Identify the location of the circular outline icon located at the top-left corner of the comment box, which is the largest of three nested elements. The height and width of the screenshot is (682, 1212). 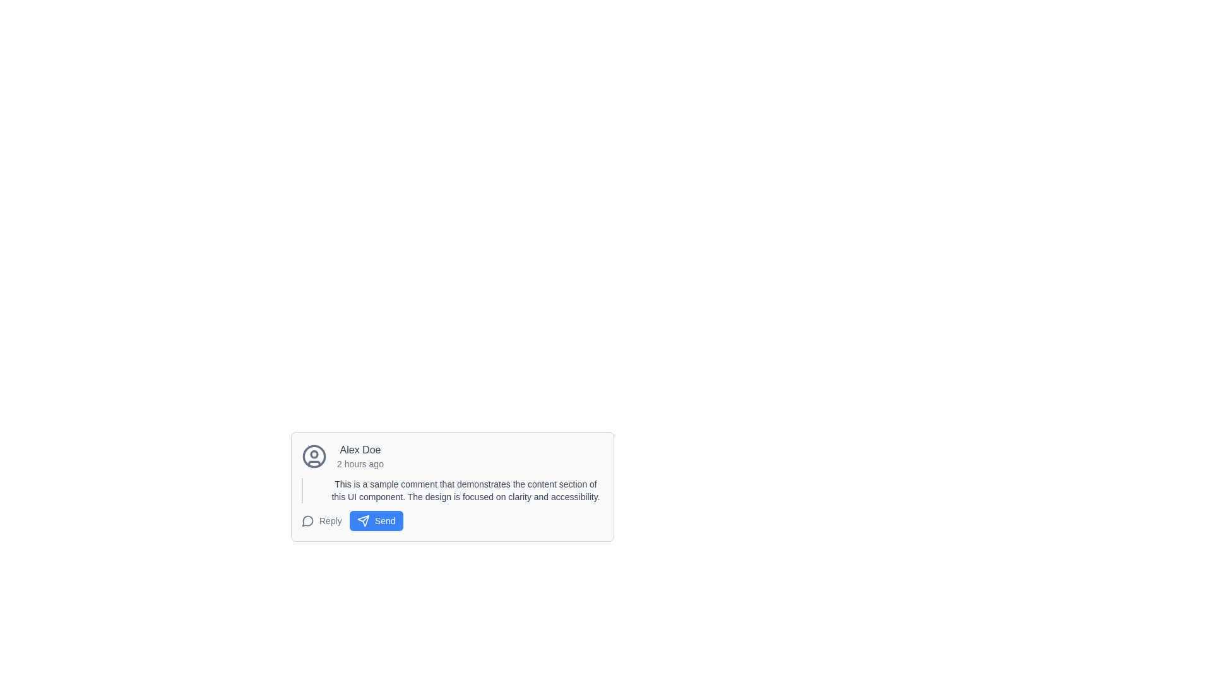
(314, 456).